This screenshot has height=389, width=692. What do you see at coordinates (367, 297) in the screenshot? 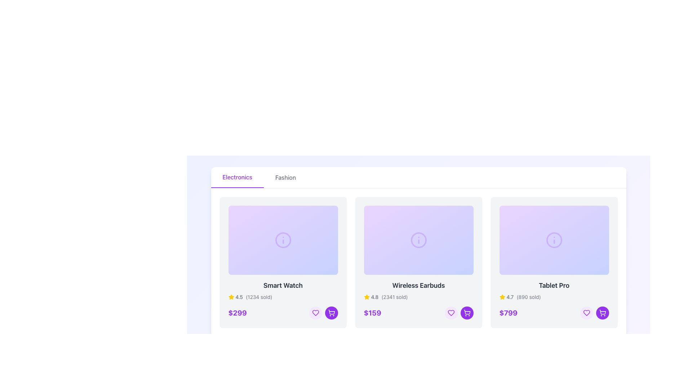
I see `the filled star icon in the middle rating section of the 'Wireless Earbuds' card to rate or view rating details` at bounding box center [367, 297].